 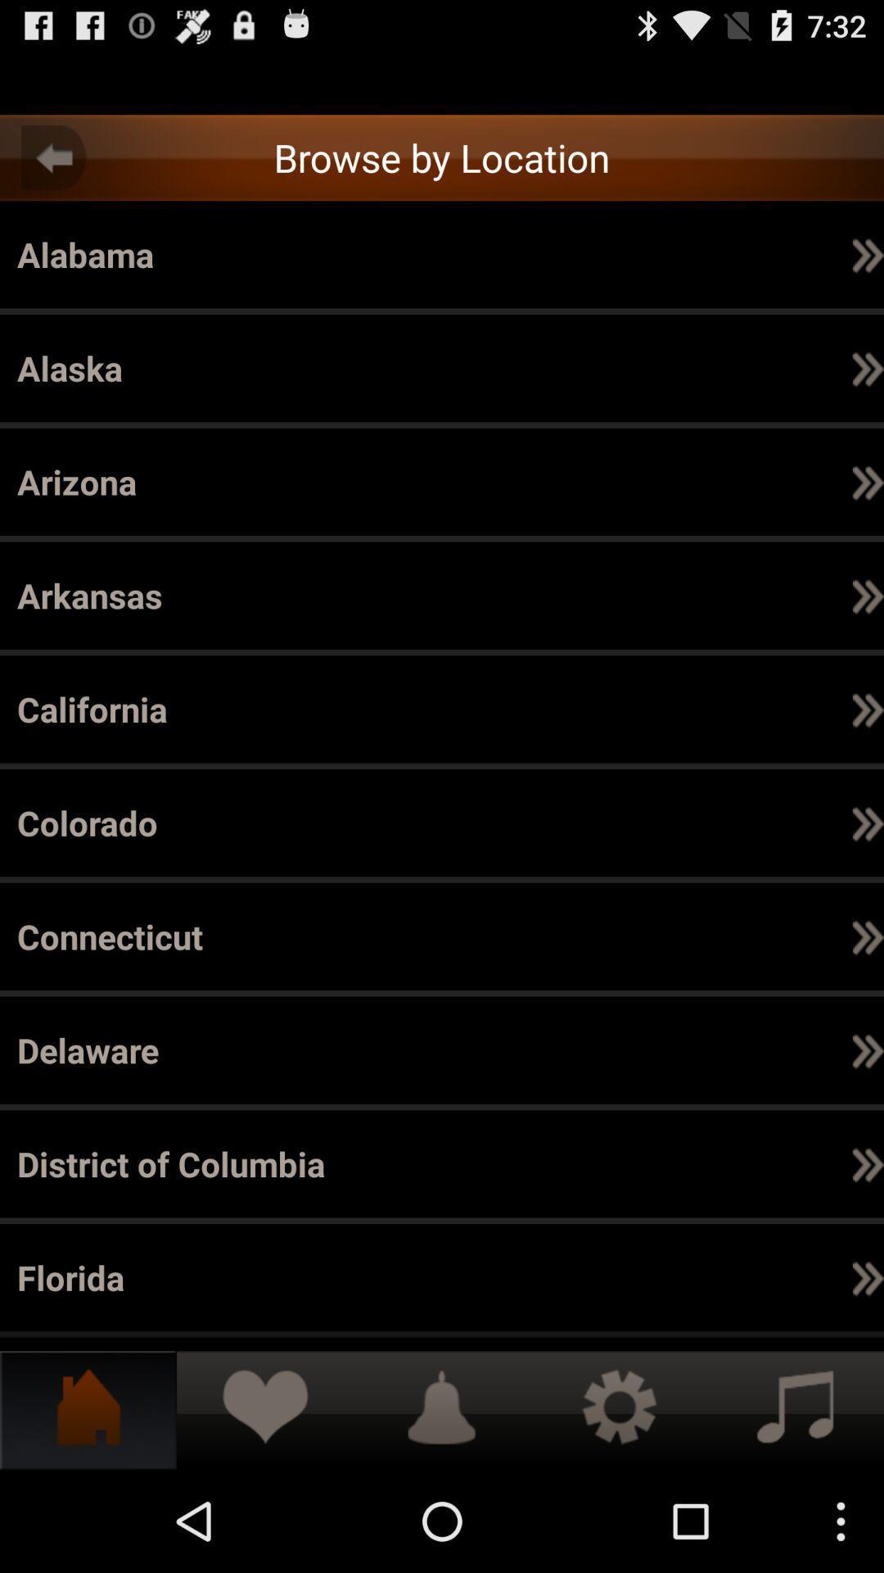 What do you see at coordinates (710, 1276) in the screenshot?
I see `item to the right of the   el dorado icon` at bounding box center [710, 1276].